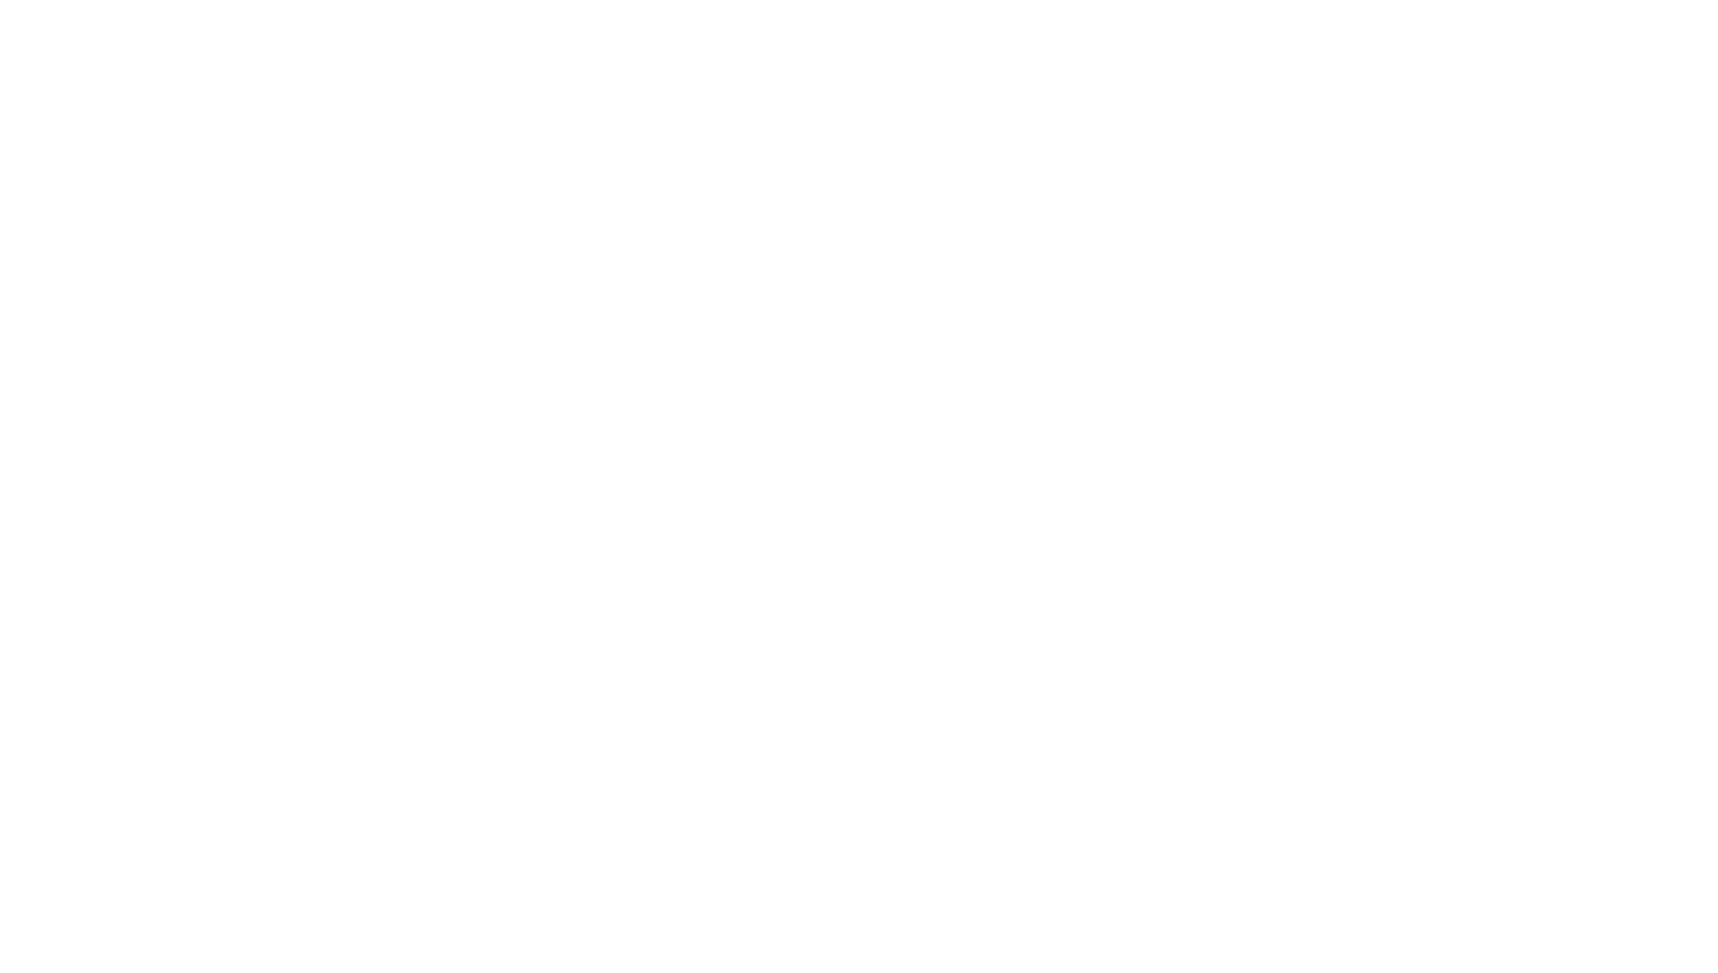 The width and height of the screenshot is (1718, 973). Describe the element at coordinates (729, 36) in the screenshot. I see `'Published: 10/09/2023'` at that location.